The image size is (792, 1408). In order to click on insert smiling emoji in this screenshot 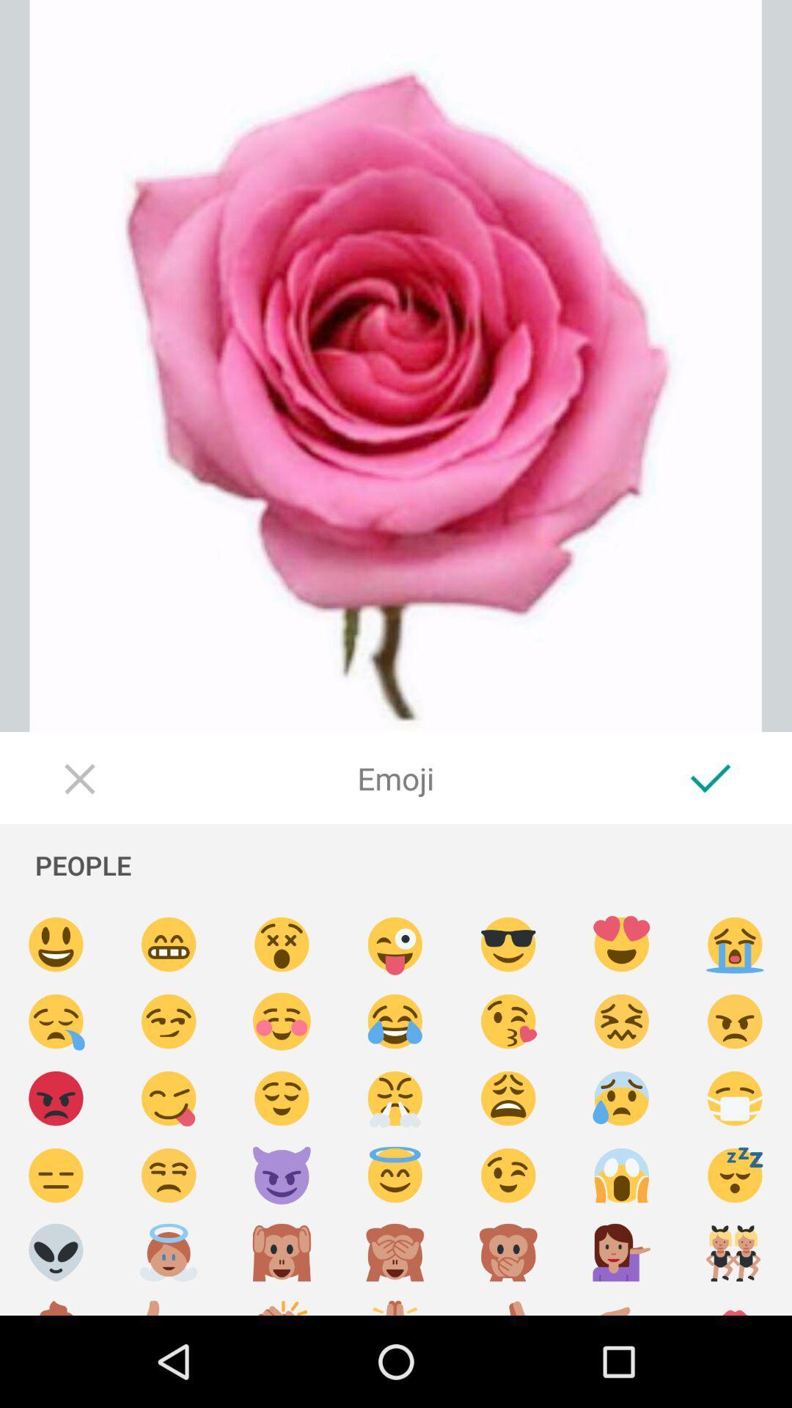, I will do `click(55, 945)`.